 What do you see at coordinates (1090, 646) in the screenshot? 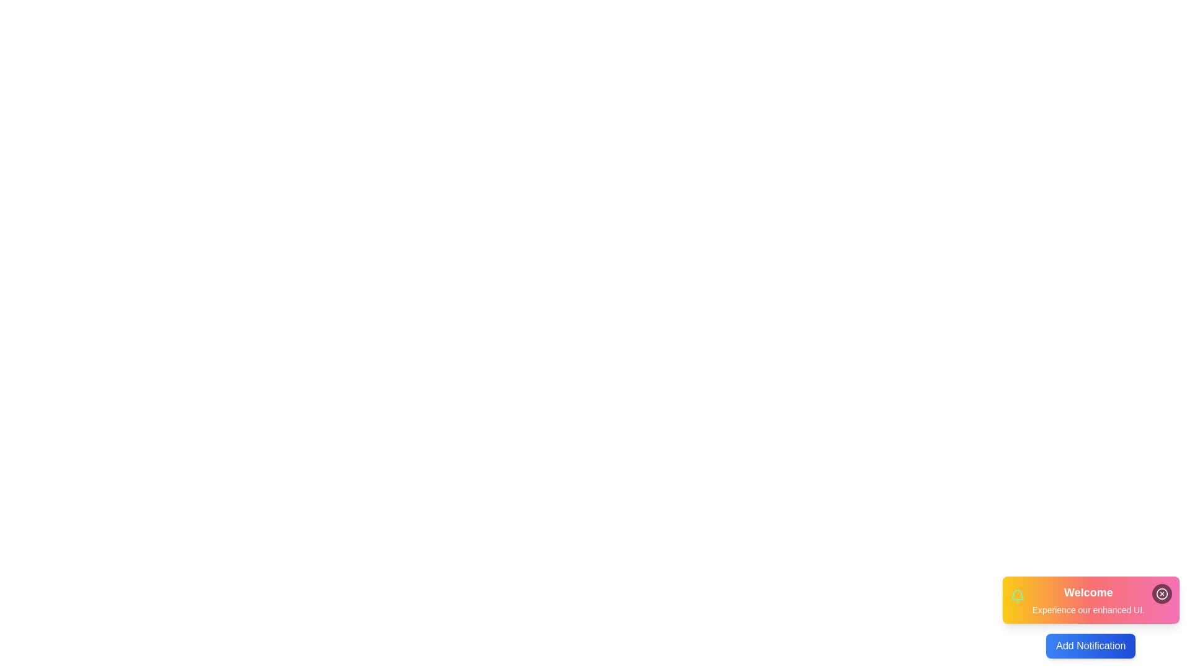
I see `the blue rectangular button with the text 'Add Notification'` at bounding box center [1090, 646].